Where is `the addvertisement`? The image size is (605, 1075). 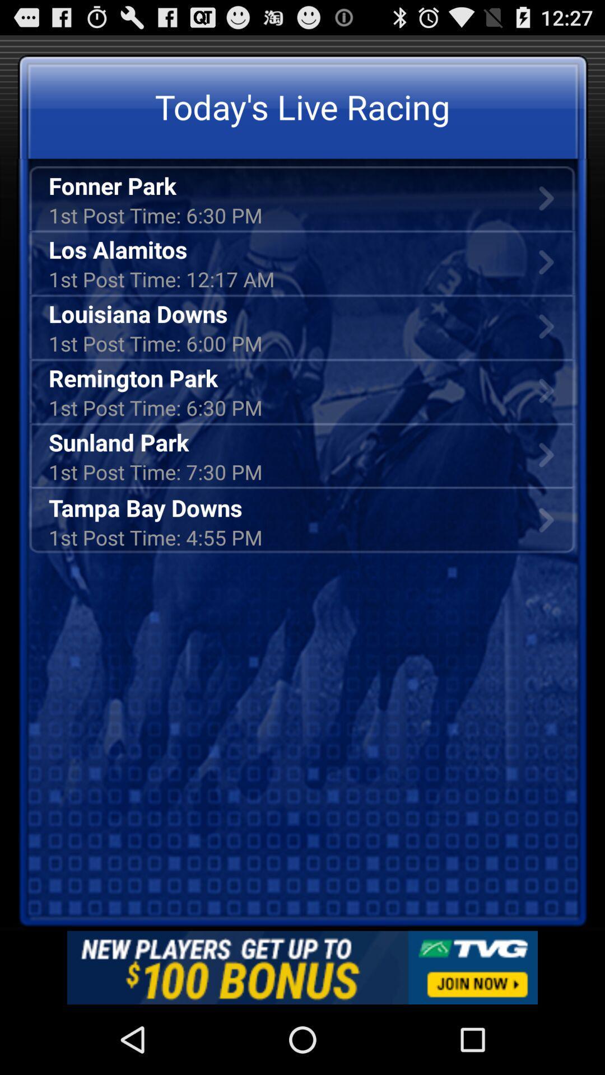 the addvertisement is located at coordinates (302, 967).